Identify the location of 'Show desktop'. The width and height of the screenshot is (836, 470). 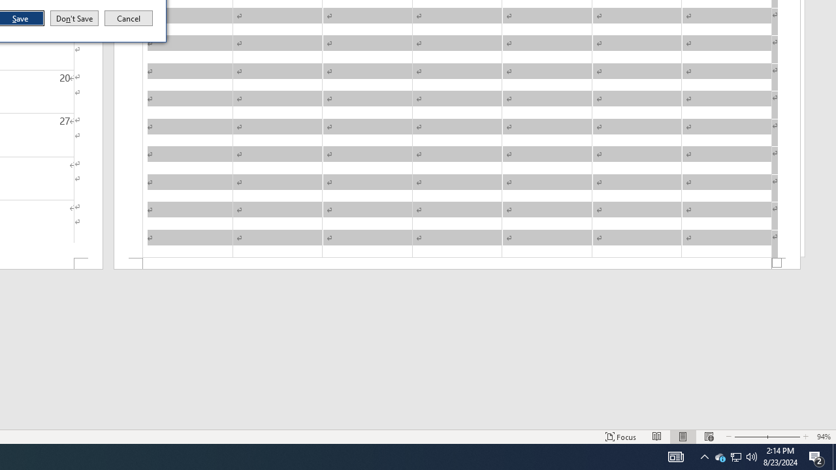
(833, 456).